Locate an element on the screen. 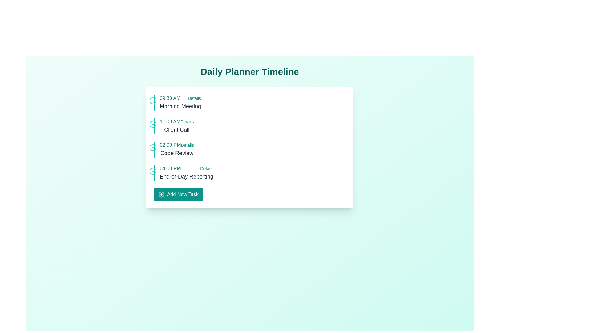 The height and width of the screenshot is (333, 592). the 'Add Task' button located at the bottom of the task list to enable keyboard input for adding a new task is located at coordinates (178, 195).